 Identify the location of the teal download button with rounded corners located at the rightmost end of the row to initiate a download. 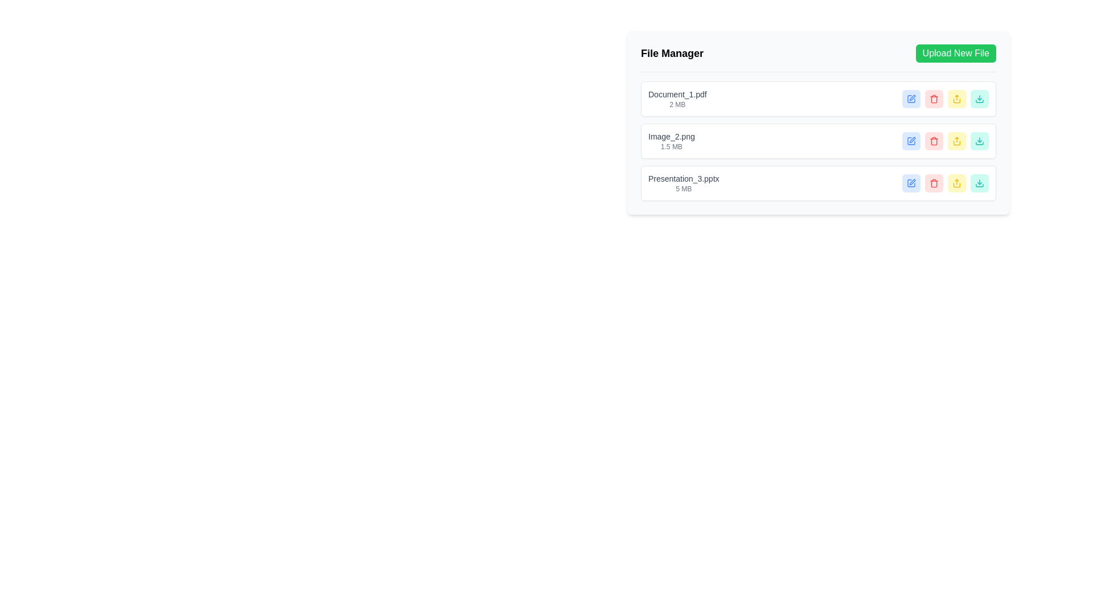
(979, 140).